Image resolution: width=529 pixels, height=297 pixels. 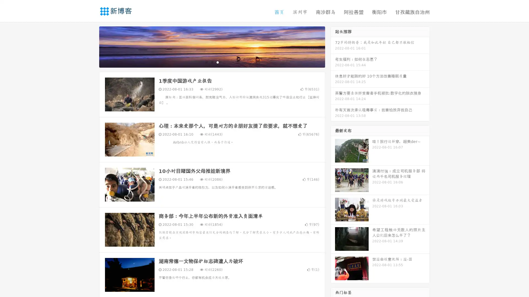 What do you see at coordinates (217, 62) in the screenshot?
I see `Go to slide 3` at bounding box center [217, 62].